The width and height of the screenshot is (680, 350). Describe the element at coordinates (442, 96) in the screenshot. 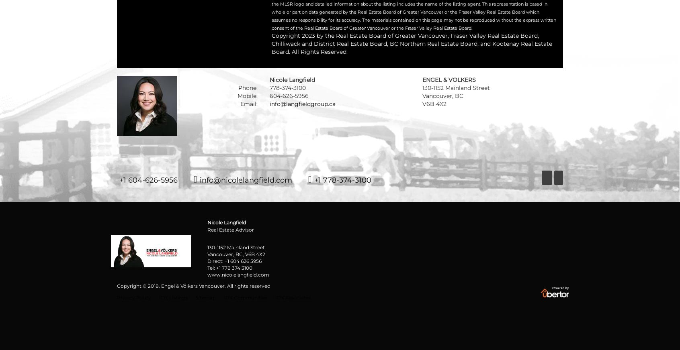

I see `'Vancouver, BC'` at that location.